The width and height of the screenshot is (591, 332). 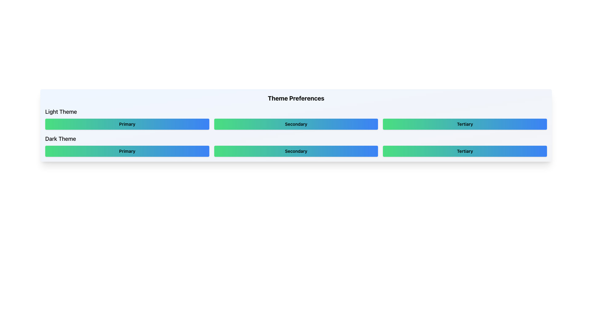 What do you see at coordinates (127, 151) in the screenshot?
I see `the primary action button for the 'Dark Theme' section` at bounding box center [127, 151].